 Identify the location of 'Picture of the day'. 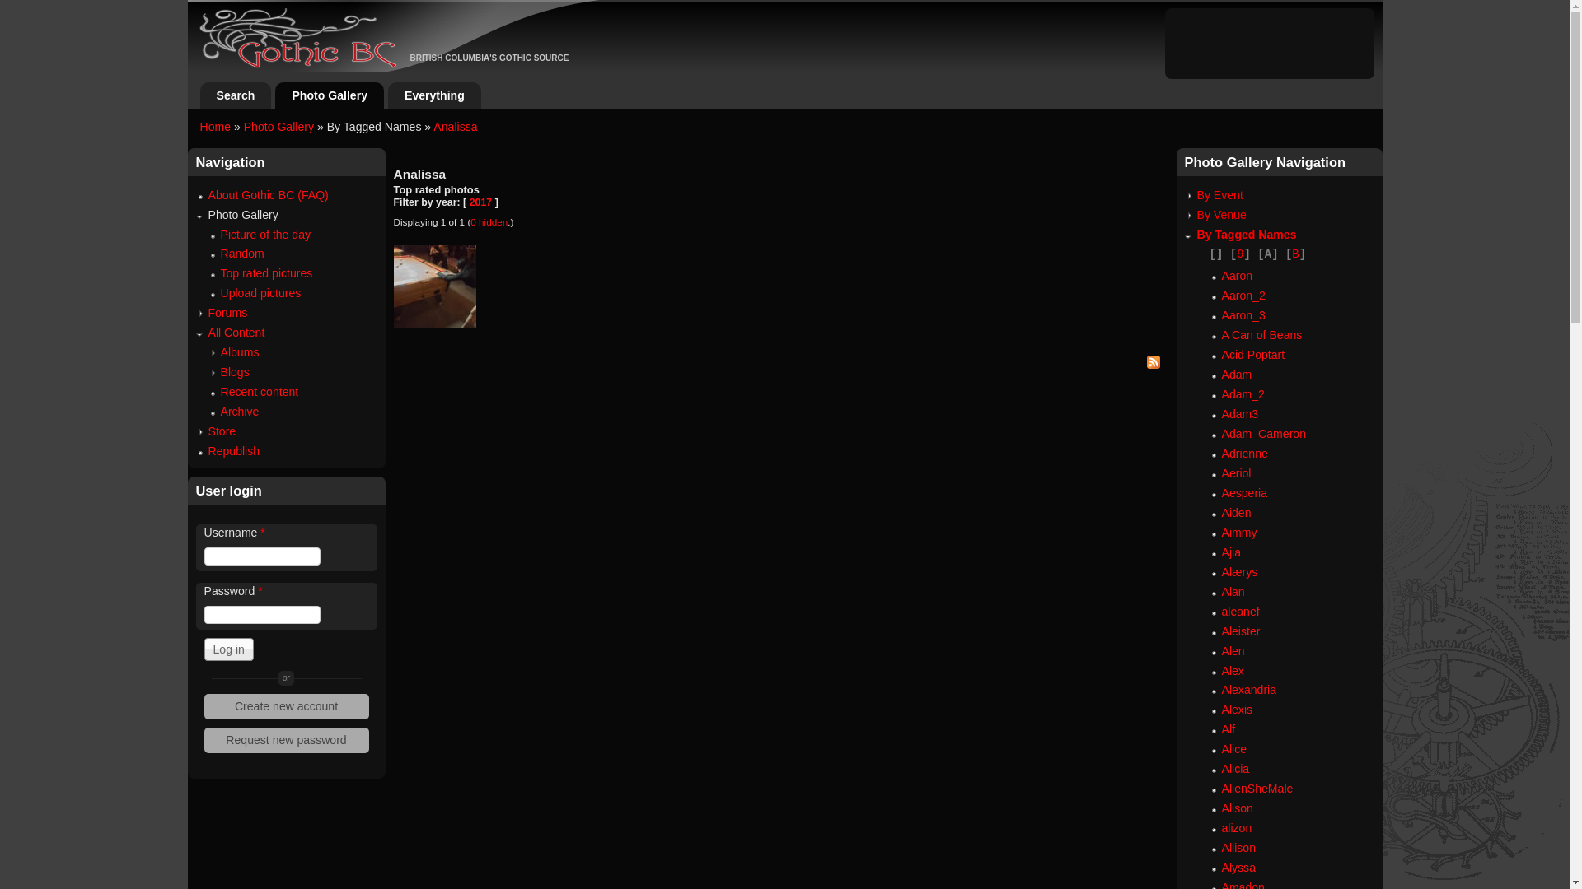
(265, 235).